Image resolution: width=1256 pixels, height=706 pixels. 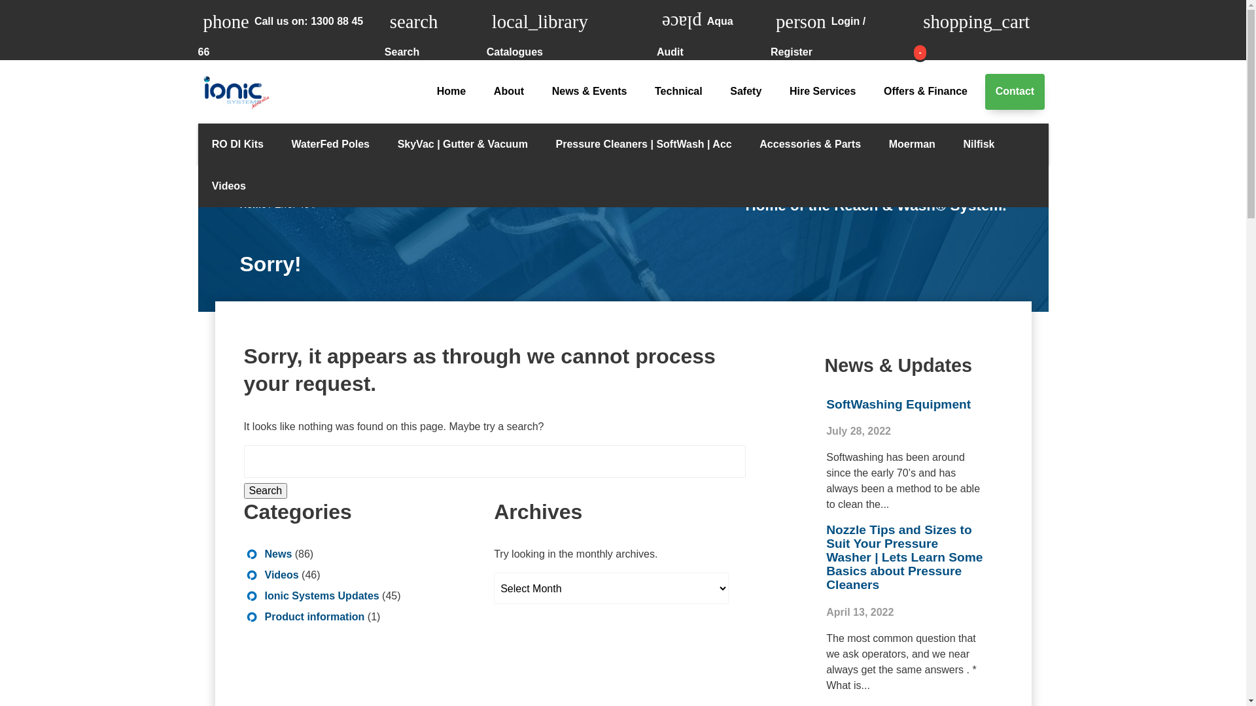 What do you see at coordinates (746, 91) in the screenshot?
I see `'Safety'` at bounding box center [746, 91].